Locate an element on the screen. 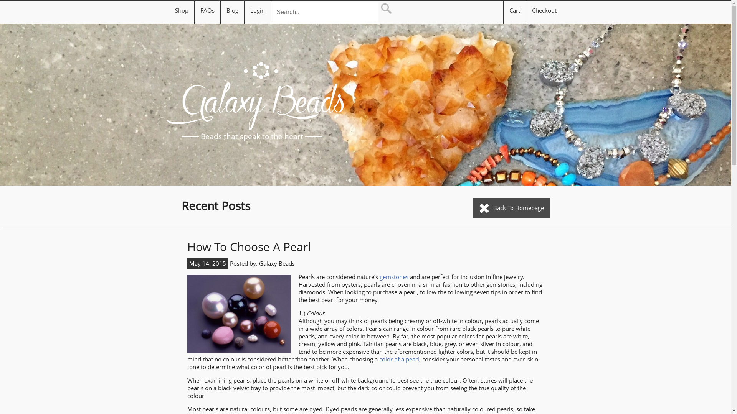 This screenshot has height=414, width=737. 'Shop' is located at coordinates (181, 10).